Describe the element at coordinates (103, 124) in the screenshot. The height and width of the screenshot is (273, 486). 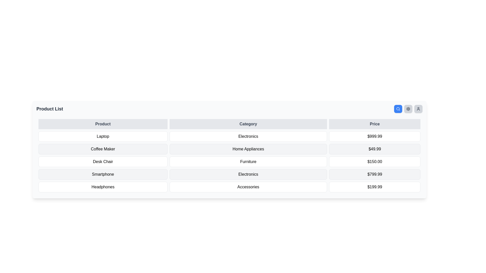
I see `text of the 'Product' header, which categorizes the entries in the column below it in the table` at that location.